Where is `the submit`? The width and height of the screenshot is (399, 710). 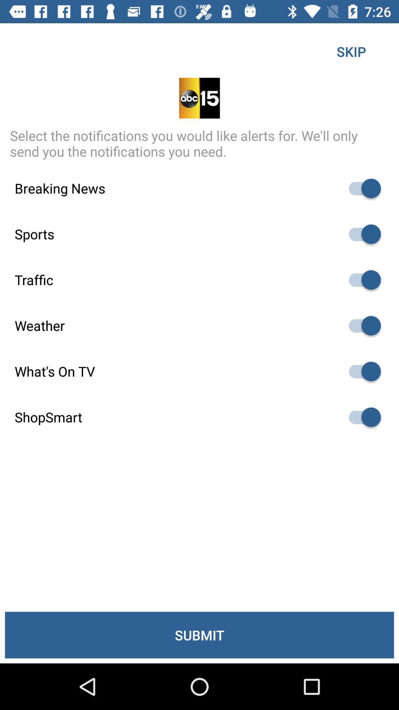 the submit is located at coordinates (199, 635).